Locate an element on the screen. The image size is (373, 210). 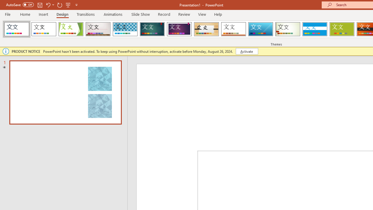
'Undo' is located at coordinates (50, 5).